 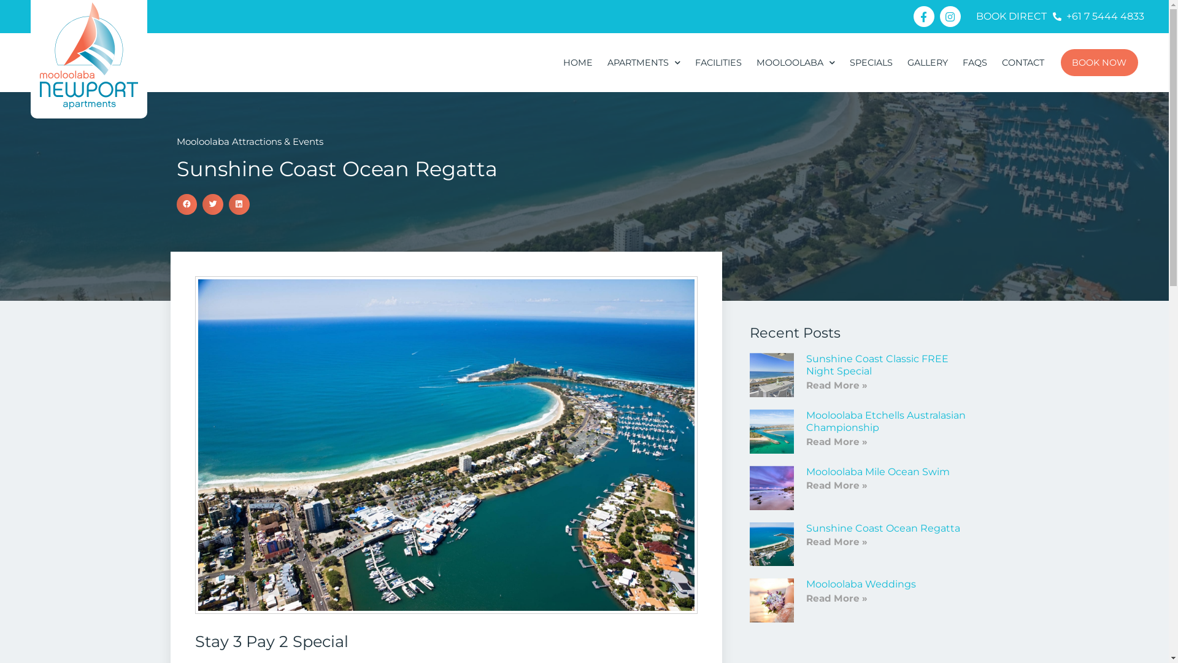 I want to click on 'Sunshine Coast Ocean Regatta', so click(x=882, y=527).